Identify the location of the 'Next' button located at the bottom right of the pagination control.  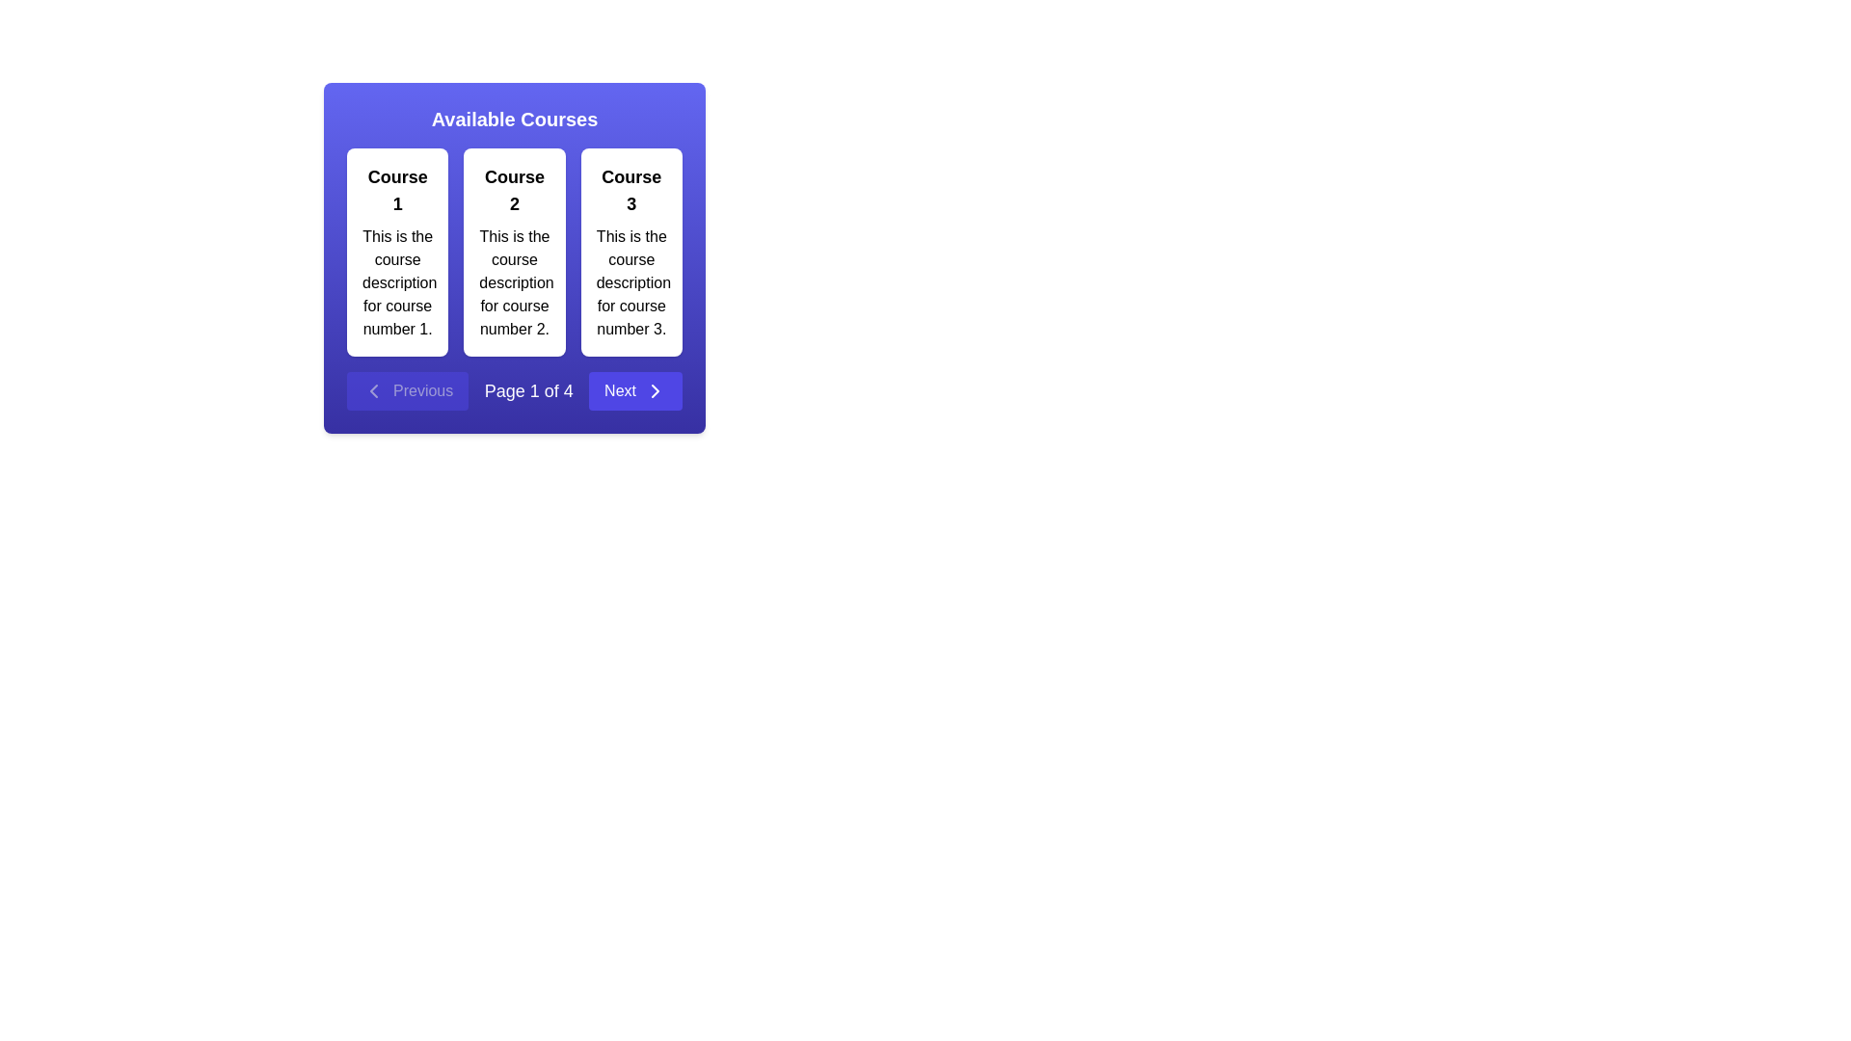
(635, 390).